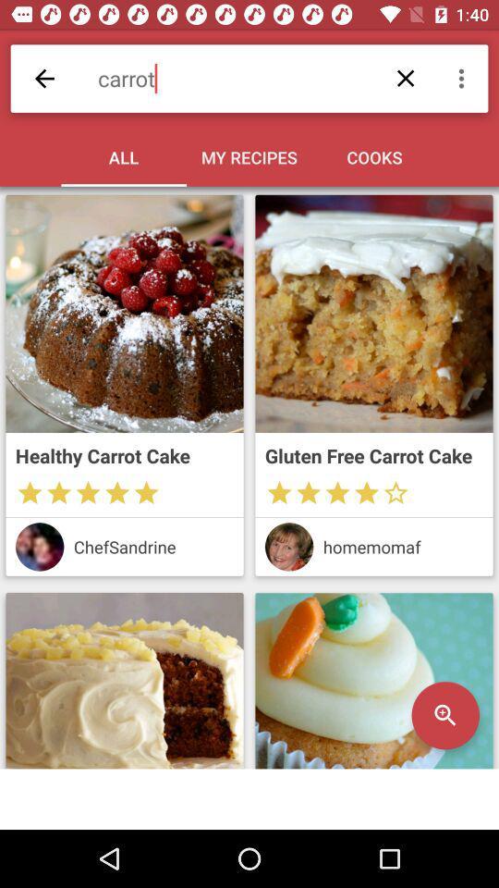  I want to click on back, so click(44, 79).